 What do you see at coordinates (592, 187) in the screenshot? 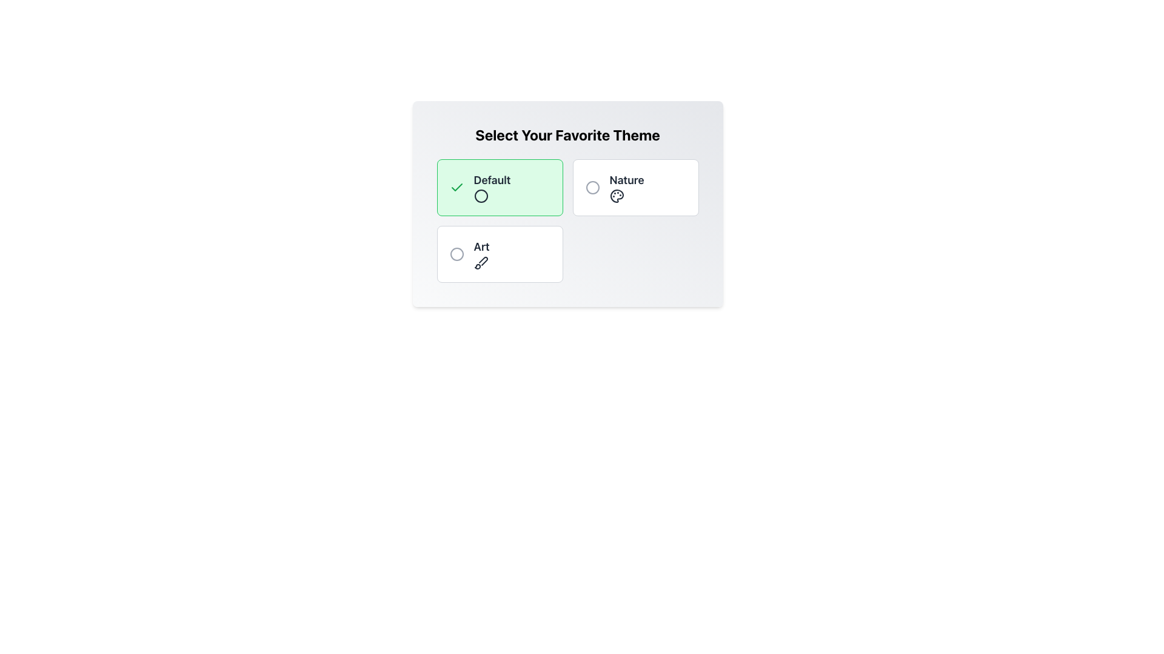
I see `the circular icon with a gray border located next to the 'Nature' text in the card-like structure` at bounding box center [592, 187].